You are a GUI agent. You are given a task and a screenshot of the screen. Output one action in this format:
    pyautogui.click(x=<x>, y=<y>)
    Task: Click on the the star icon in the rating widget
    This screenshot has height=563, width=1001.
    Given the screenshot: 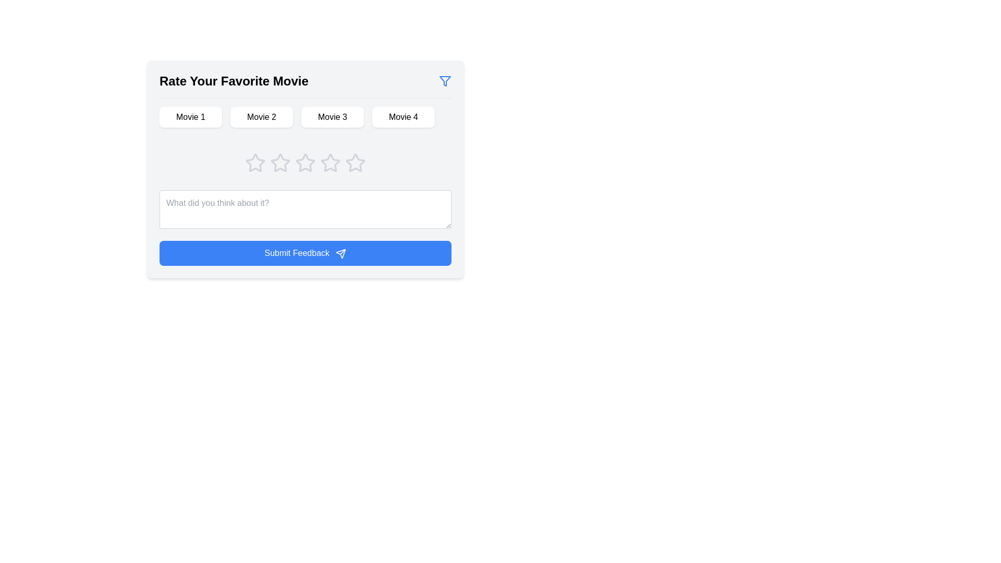 What is the action you would take?
    pyautogui.click(x=304, y=163)
    